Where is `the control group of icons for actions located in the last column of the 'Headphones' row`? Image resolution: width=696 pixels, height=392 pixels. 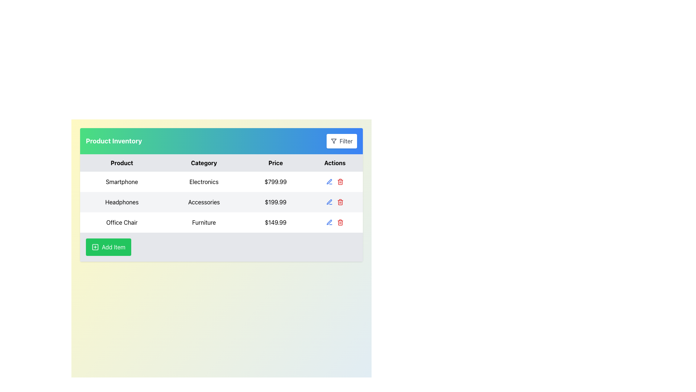 the control group of icons for actions located in the last column of the 'Headphones' row is located at coordinates (335, 202).